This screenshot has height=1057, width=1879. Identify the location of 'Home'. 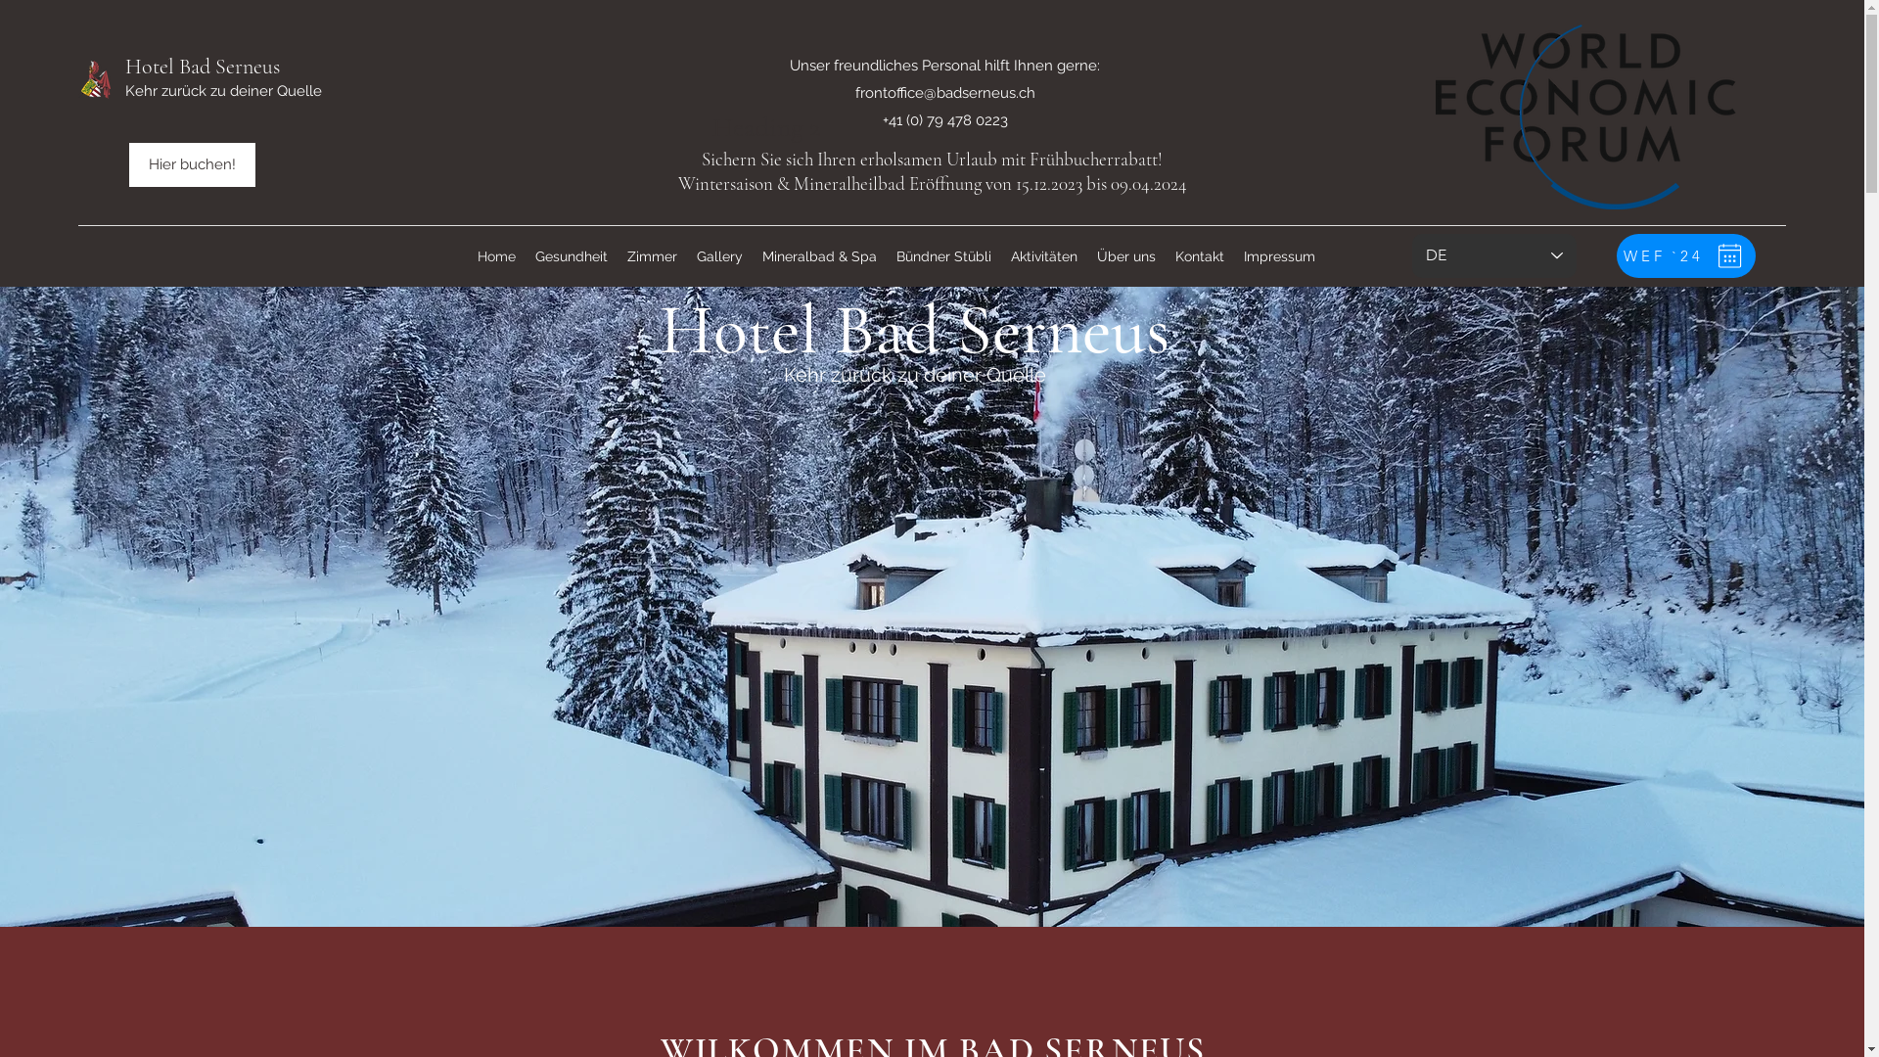
(496, 255).